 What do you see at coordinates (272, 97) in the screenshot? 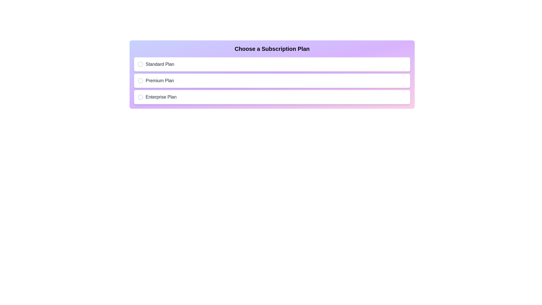
I see `the 'Enterprise Plan' option in the subscription selection list` at bounding box center [272, 97].